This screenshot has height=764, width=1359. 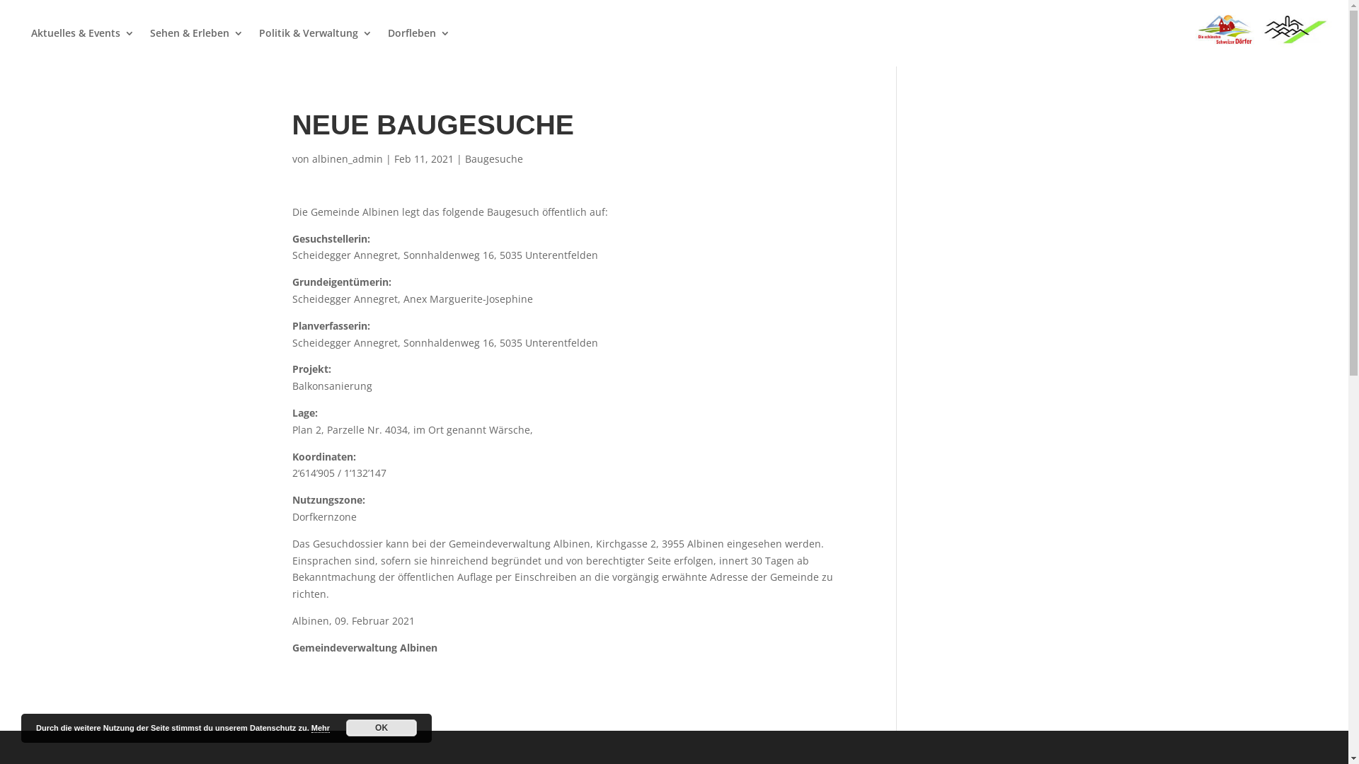 I want to click on 'Politik & Verwaltung', so click(x=258, y=46).